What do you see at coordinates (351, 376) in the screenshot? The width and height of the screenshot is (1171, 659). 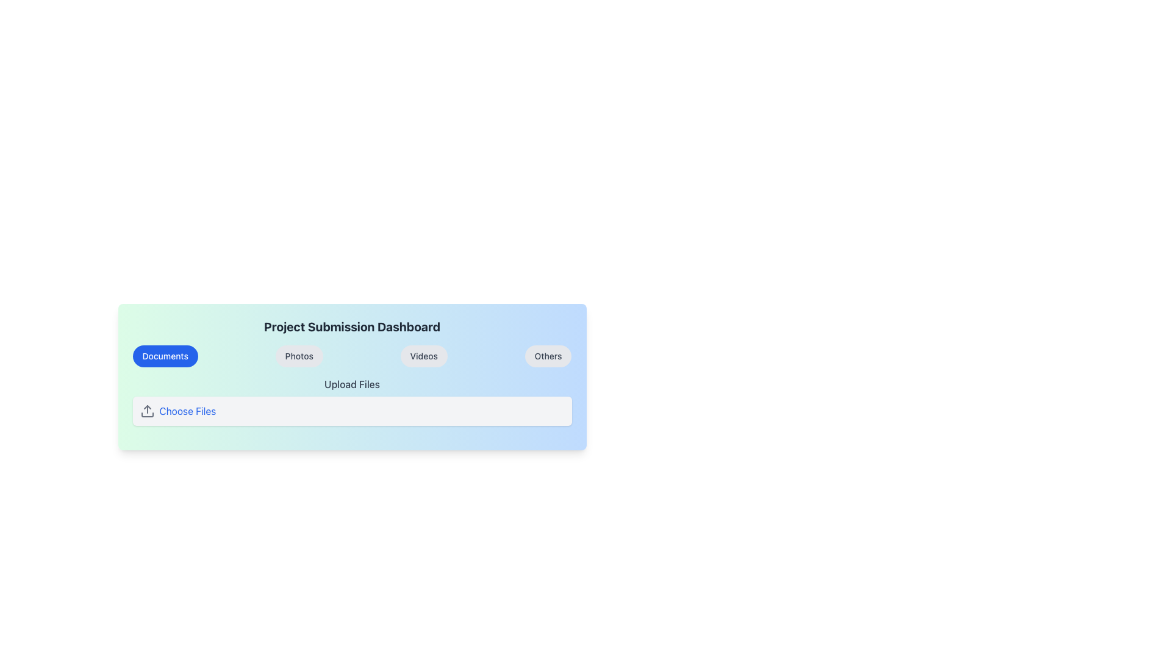 I see `files into the upload bar located at the center of the project submission dashboard interface` at bounding box center [351, 376].